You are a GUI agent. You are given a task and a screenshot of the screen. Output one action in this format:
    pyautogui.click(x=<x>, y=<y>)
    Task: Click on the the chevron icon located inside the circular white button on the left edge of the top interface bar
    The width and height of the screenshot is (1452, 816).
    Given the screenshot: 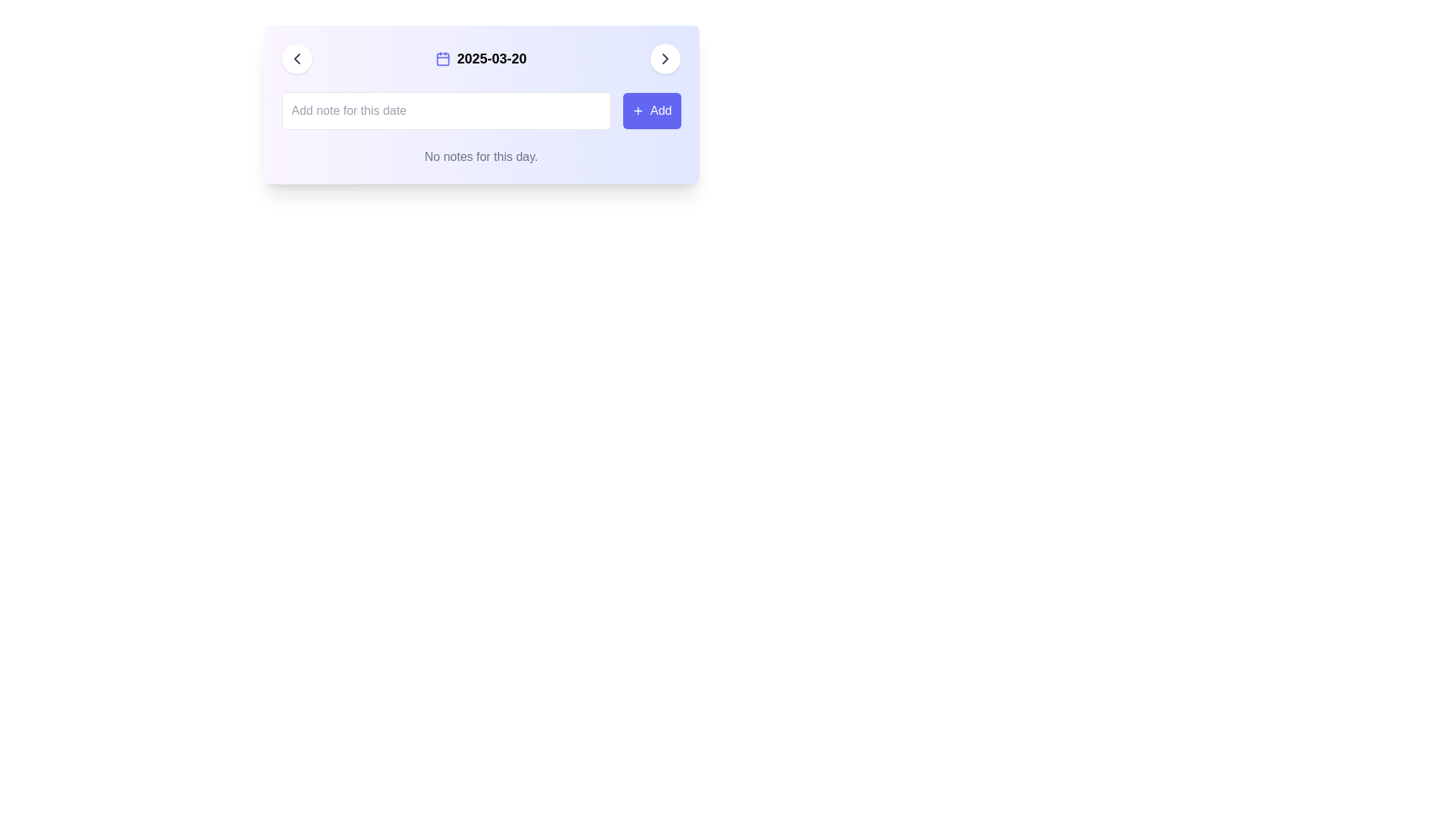 What is the action you would take?
    pyautogui.click(x=296, y=57)
    